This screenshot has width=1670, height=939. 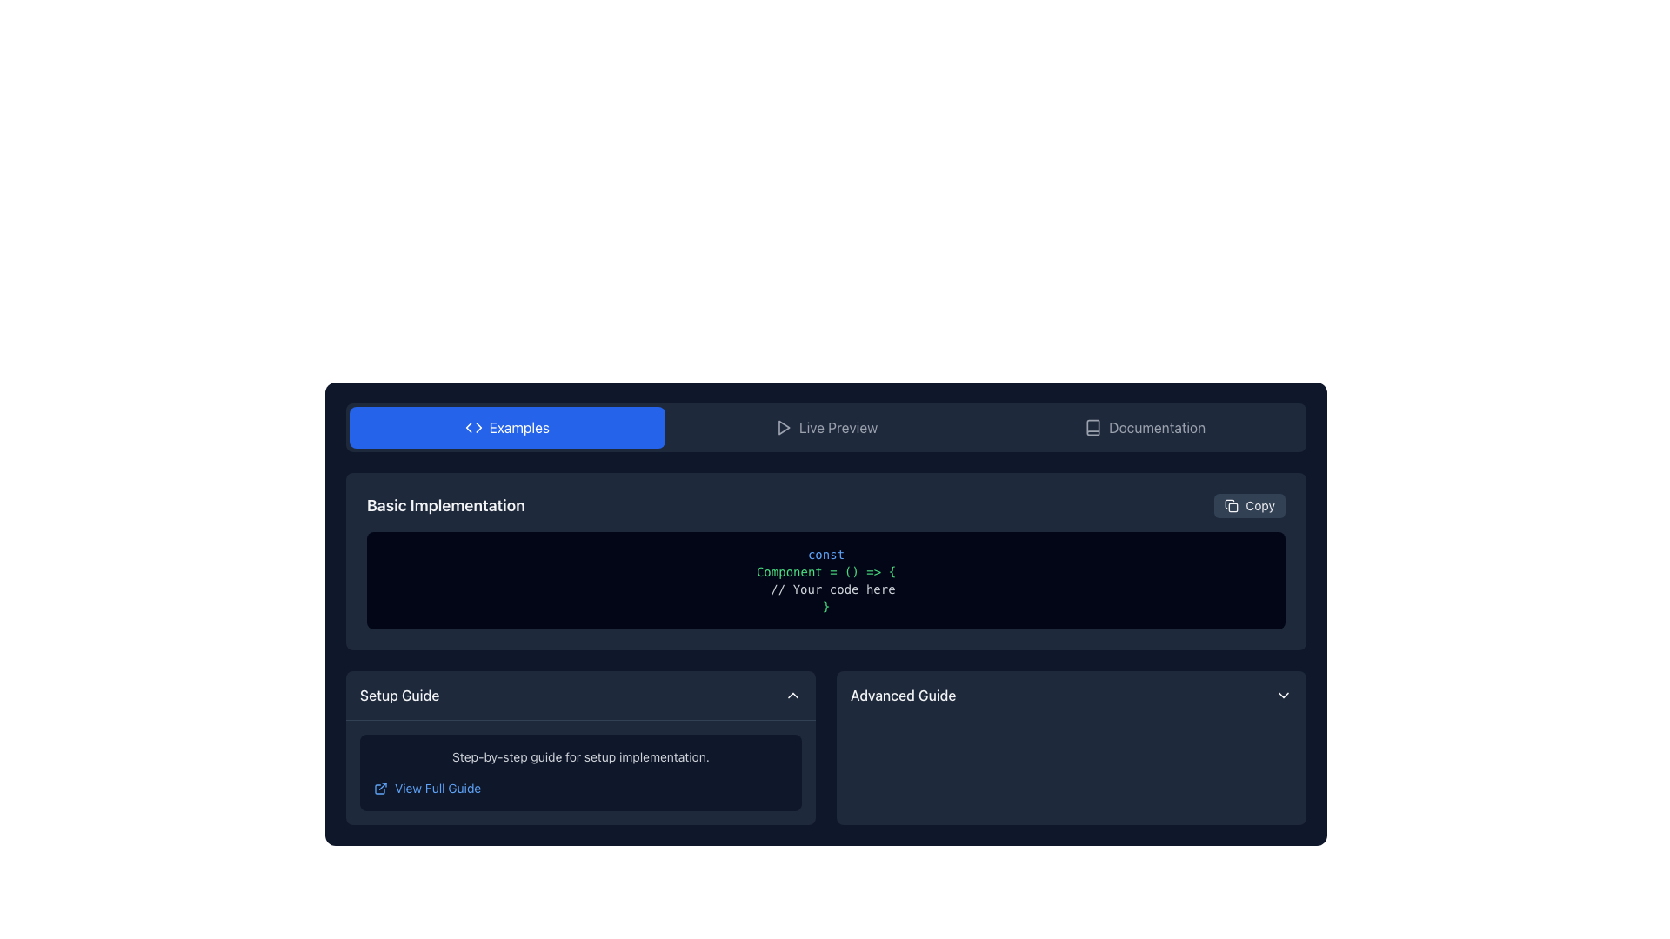 What do you see at coordinates (1260, 506) in the screenshot?
I see `text content of the label located in the top-right corner of the box within the 'Basic Implementation' section, which describes the action associated with the document icon` at bounding box center [1260, 506].